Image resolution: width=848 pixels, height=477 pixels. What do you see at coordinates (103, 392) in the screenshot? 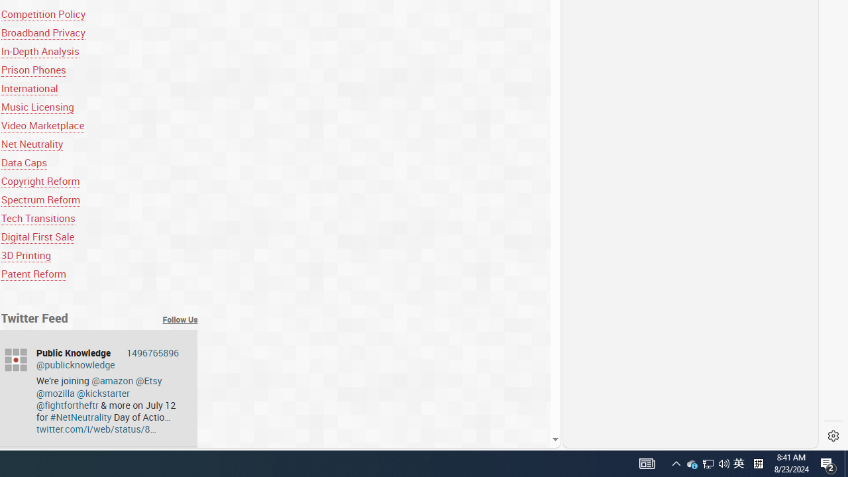
I see `'@kickstarter'` at bounding box center [103, 392].